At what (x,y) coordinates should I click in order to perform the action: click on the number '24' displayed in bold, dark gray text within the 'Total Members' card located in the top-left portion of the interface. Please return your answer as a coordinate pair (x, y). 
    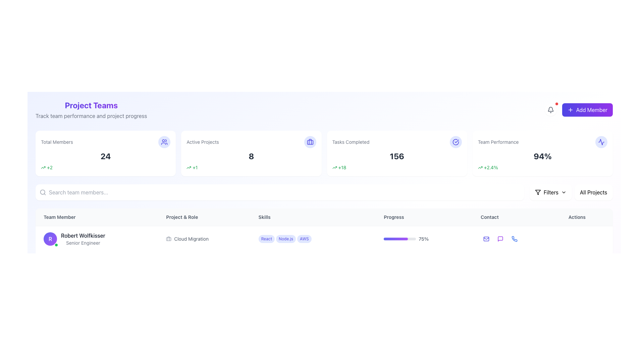
    Looking at the image, I should click on (105, 156).